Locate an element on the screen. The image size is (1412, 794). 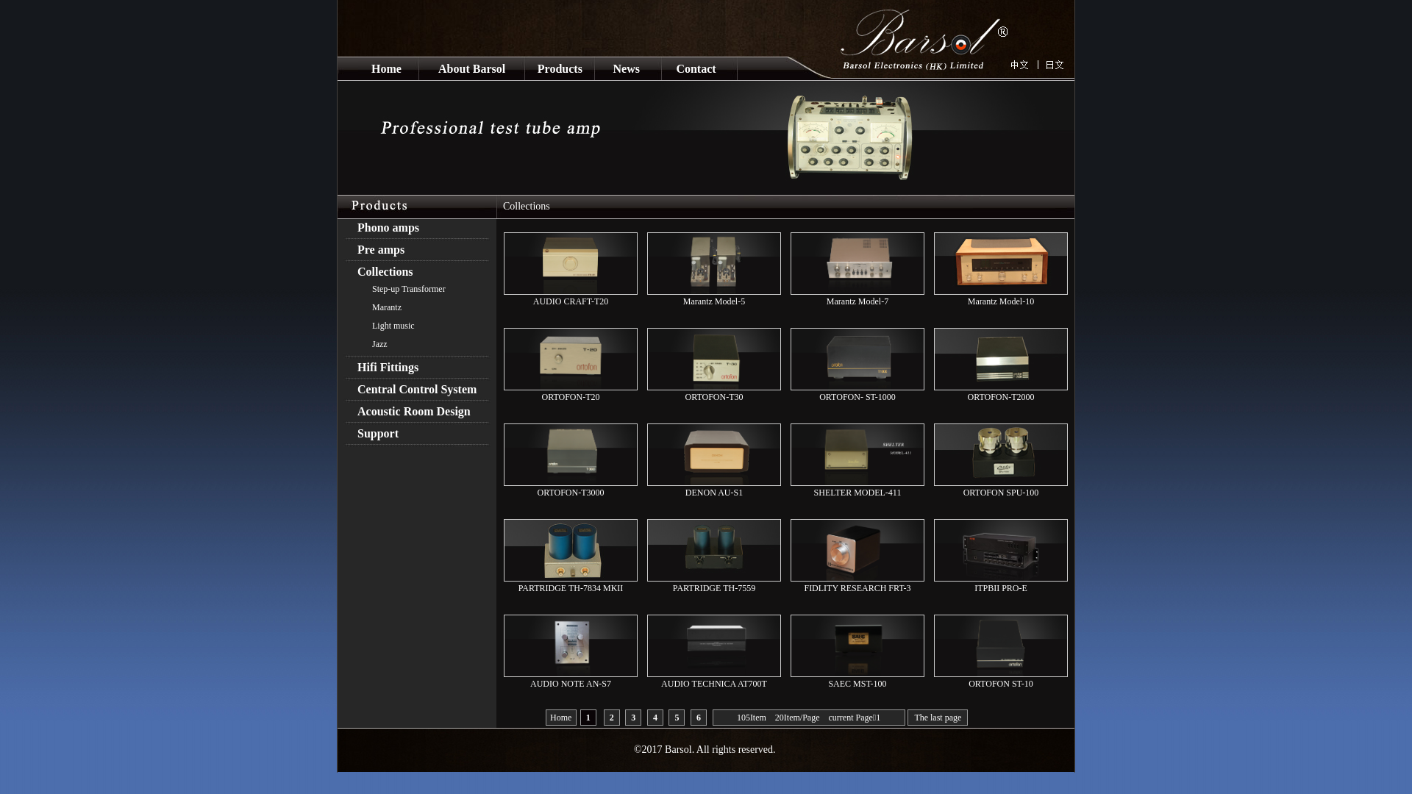
'2' is located at coordinates (611, 716).